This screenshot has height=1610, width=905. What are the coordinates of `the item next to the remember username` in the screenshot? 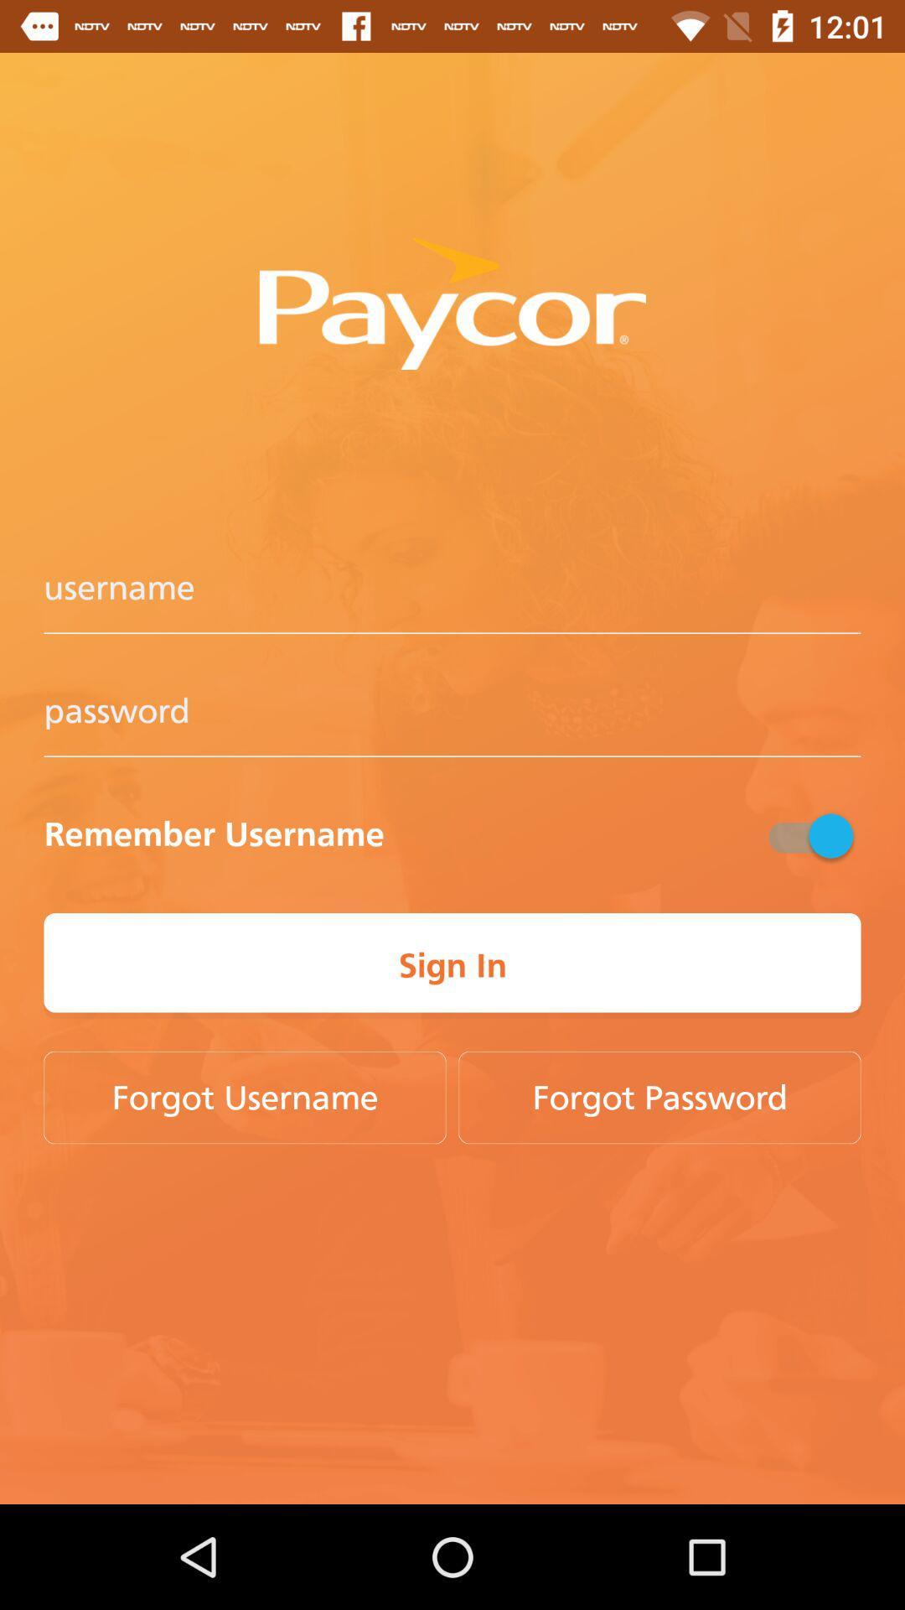 It's located at (808, 835).